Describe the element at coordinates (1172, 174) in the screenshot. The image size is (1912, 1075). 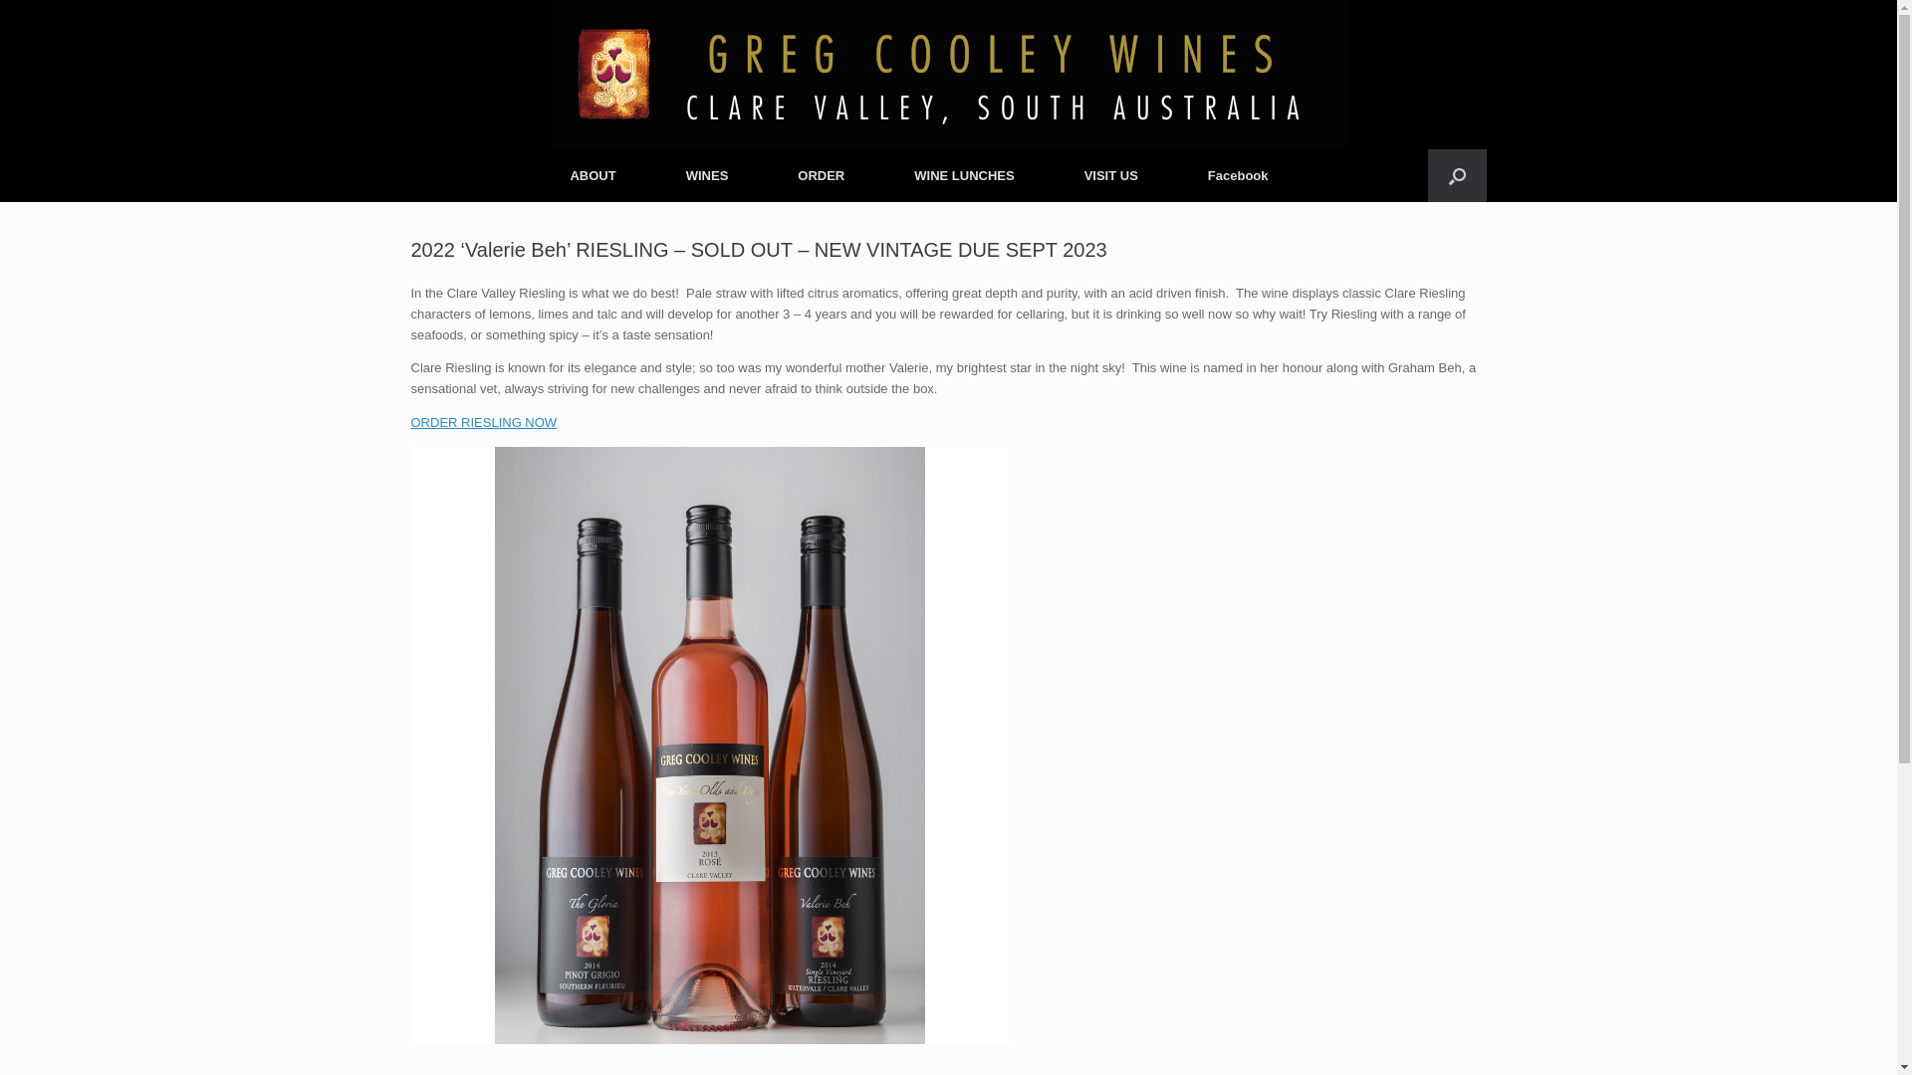
I see `'Facebook'` at that location.